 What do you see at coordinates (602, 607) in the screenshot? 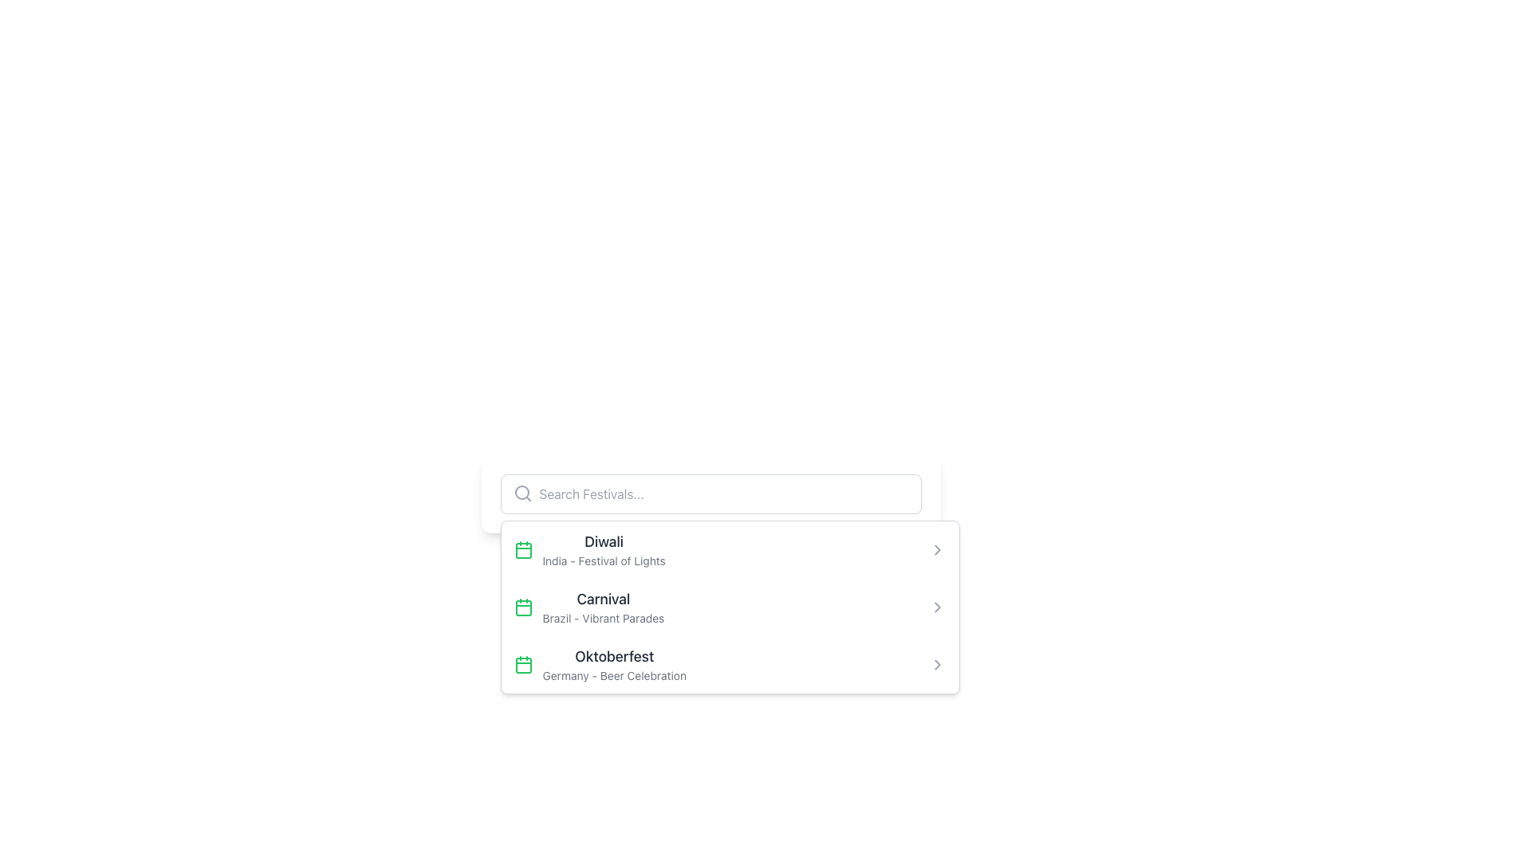
I see `the second list item labeled 'Carnival' which is part of a dropdown under a search input field` at bounding box center [602, 607].